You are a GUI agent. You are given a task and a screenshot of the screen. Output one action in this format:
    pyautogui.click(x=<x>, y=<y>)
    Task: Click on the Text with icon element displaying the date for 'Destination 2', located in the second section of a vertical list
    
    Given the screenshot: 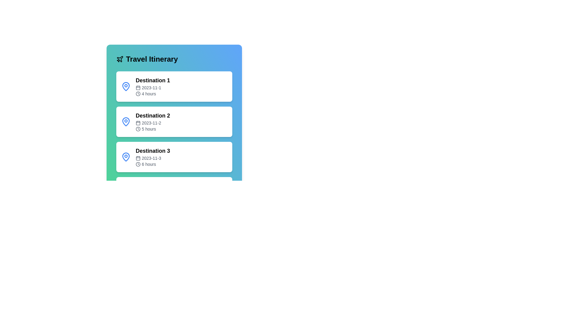 What is the action you would take?
    pyautogui.click(x=153, y=123)
    